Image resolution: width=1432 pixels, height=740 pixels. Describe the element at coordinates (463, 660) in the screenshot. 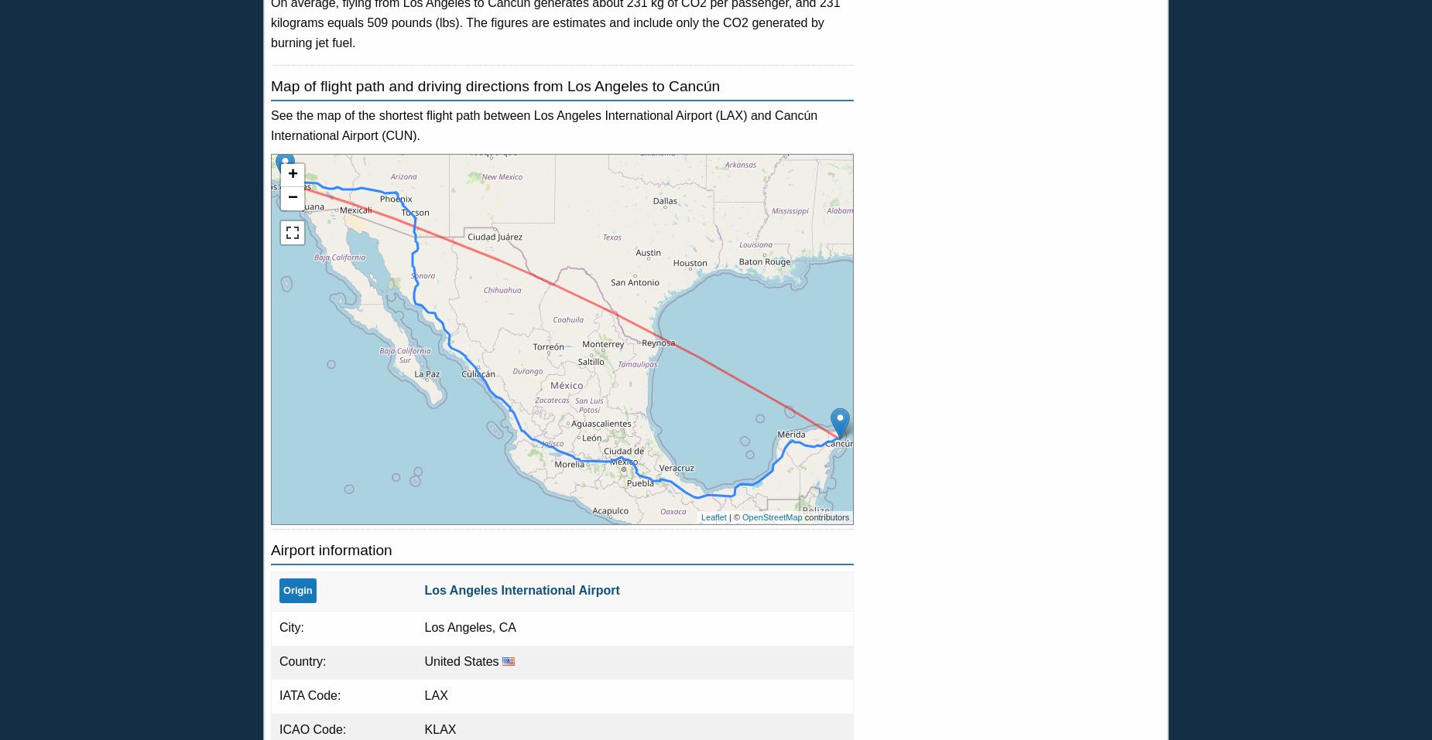

I see `'United States'` at that location.